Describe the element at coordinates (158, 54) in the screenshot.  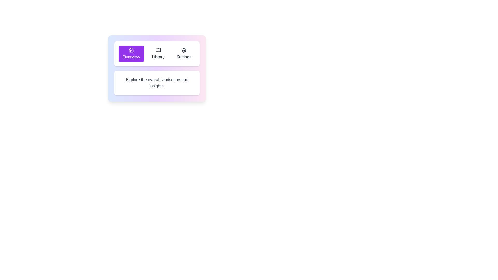
I see `the 'Library' button located at the top-center of the interface` at that location.